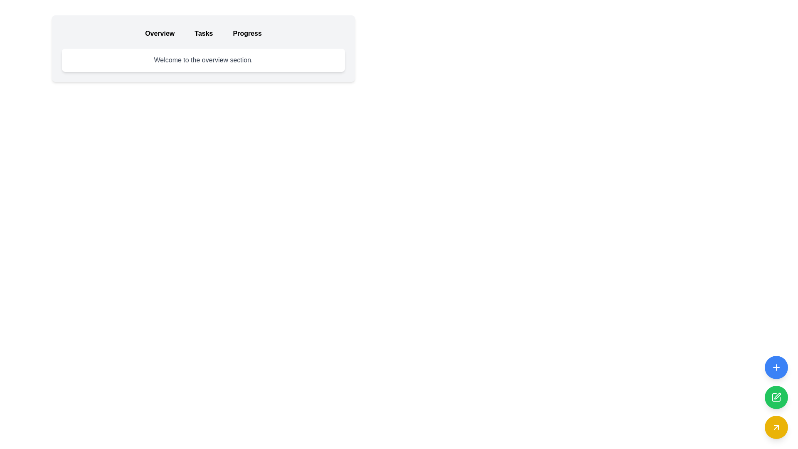 The width and height of the screenshot is (798, 449). Describe the element at coordinates (776, 397) in the screenshot. I see `the circular green button with a white outline of a pen symbol, located in the vertical stack of buttons at the bottom-right corner of the interface` at that location.